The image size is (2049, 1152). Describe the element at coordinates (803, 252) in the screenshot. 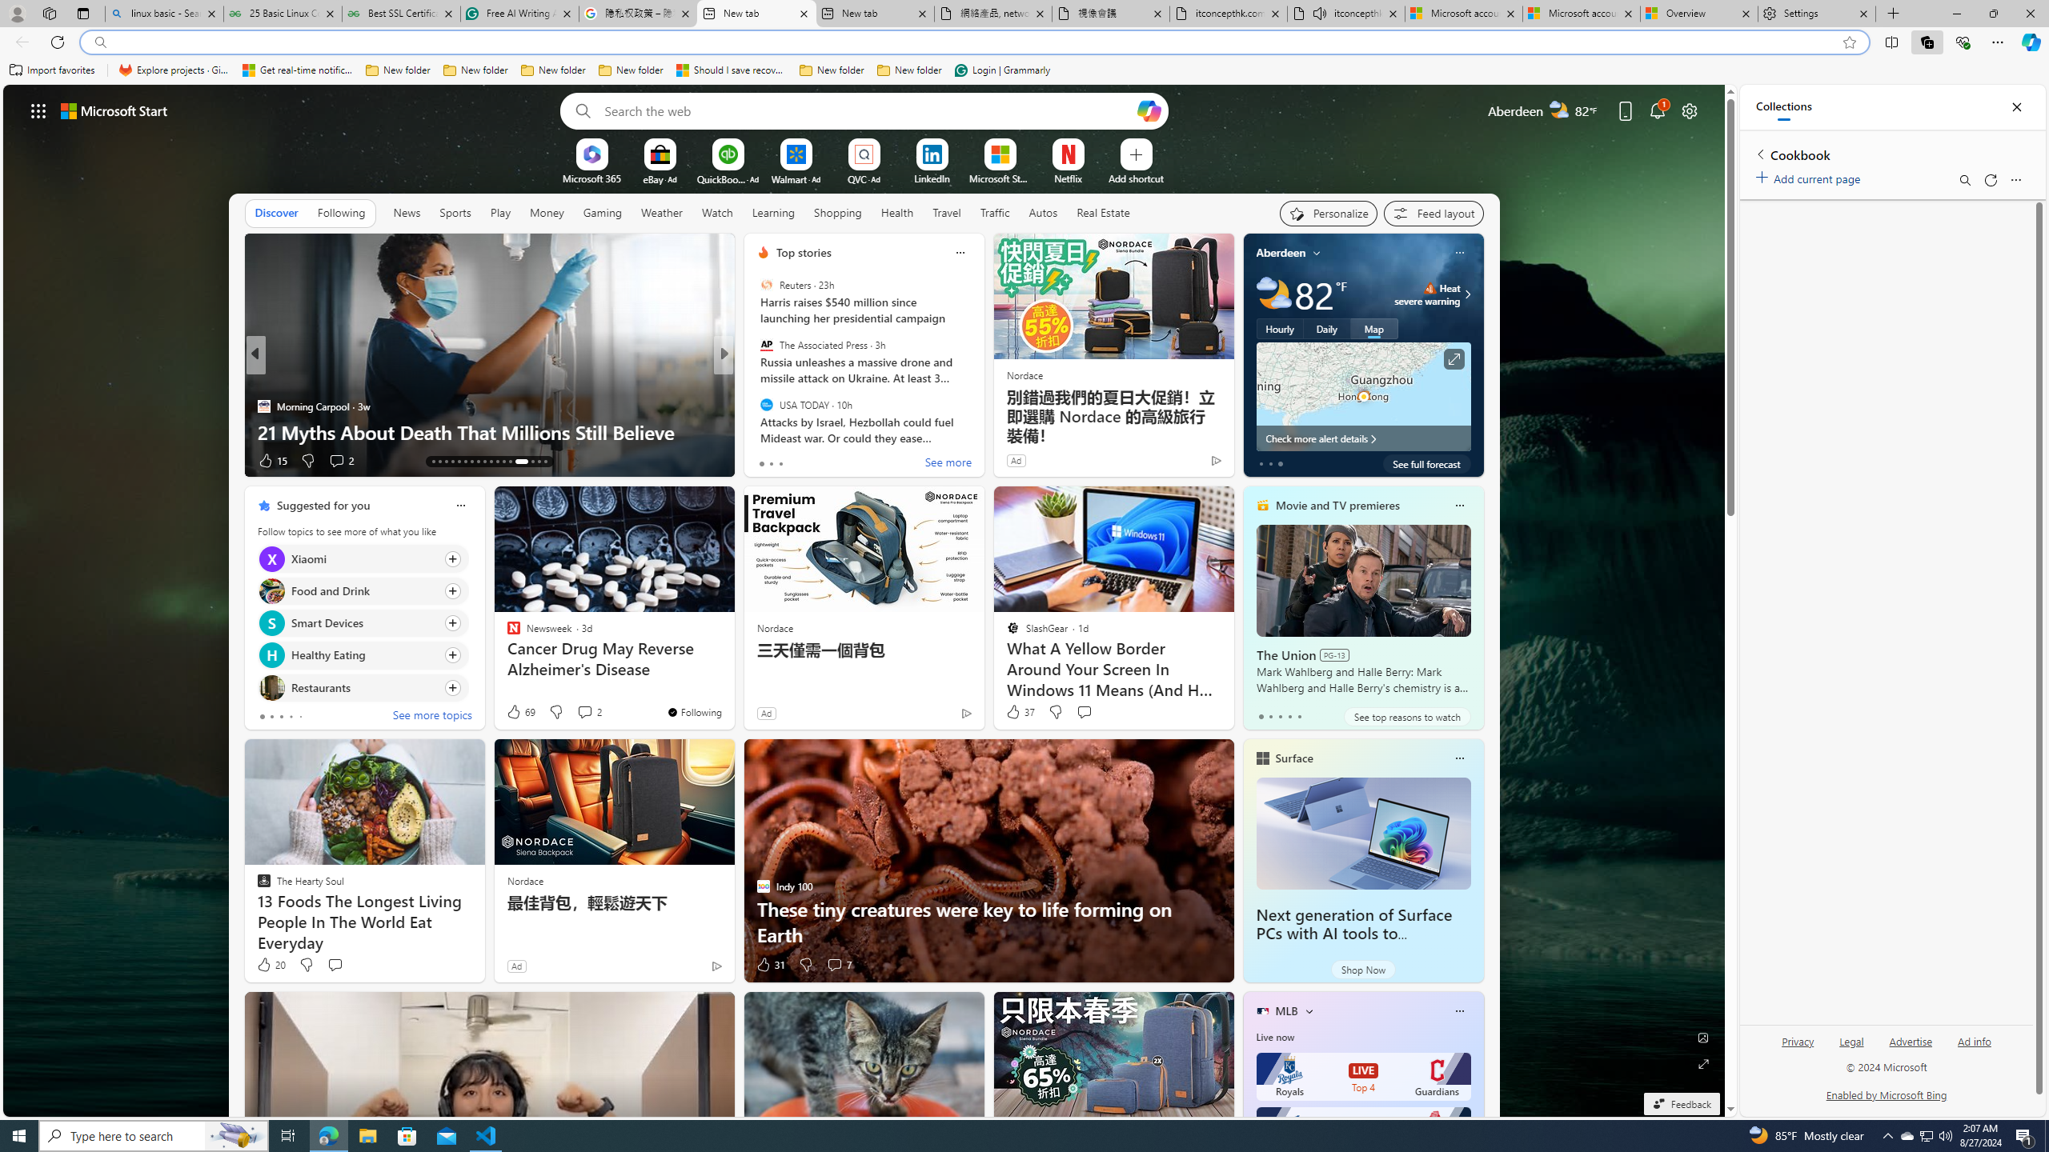

I see `'Top stories'` at that location.